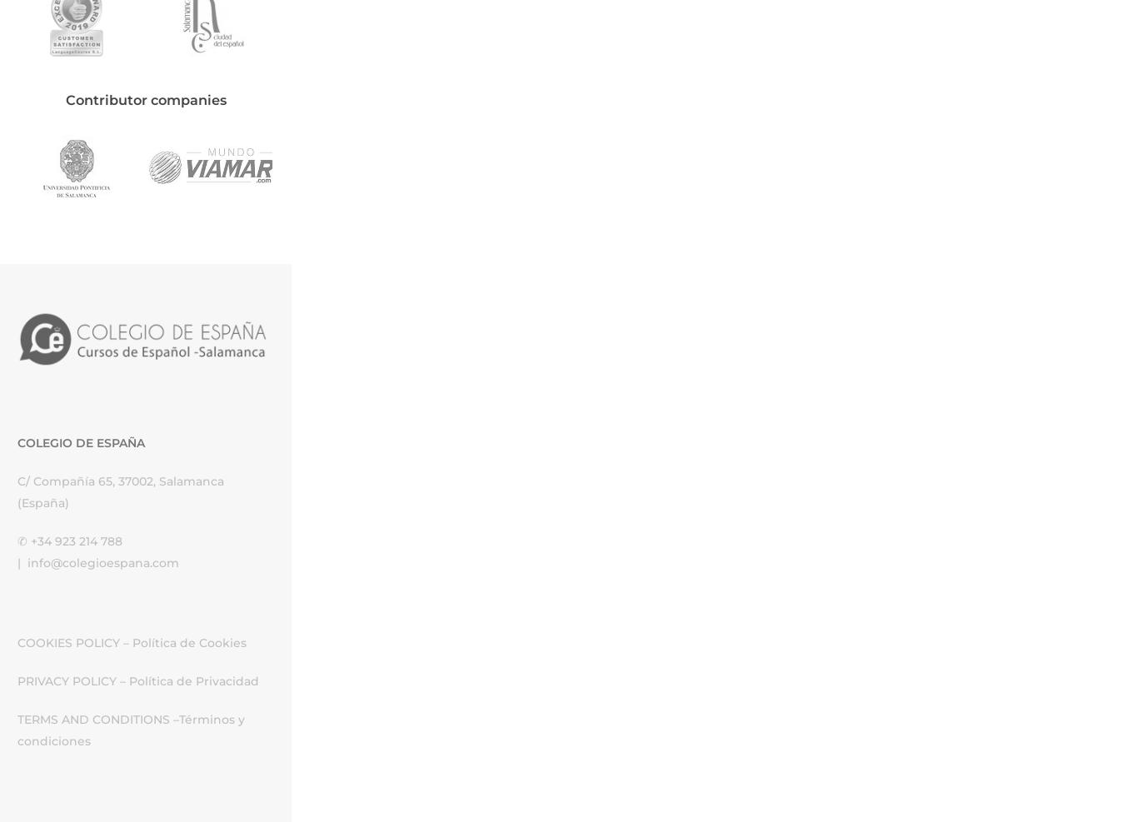  What do you see at coordinates (144, 100) in the screenshot?
I see `'Contributor companies'` at bounding box center [144, 100].